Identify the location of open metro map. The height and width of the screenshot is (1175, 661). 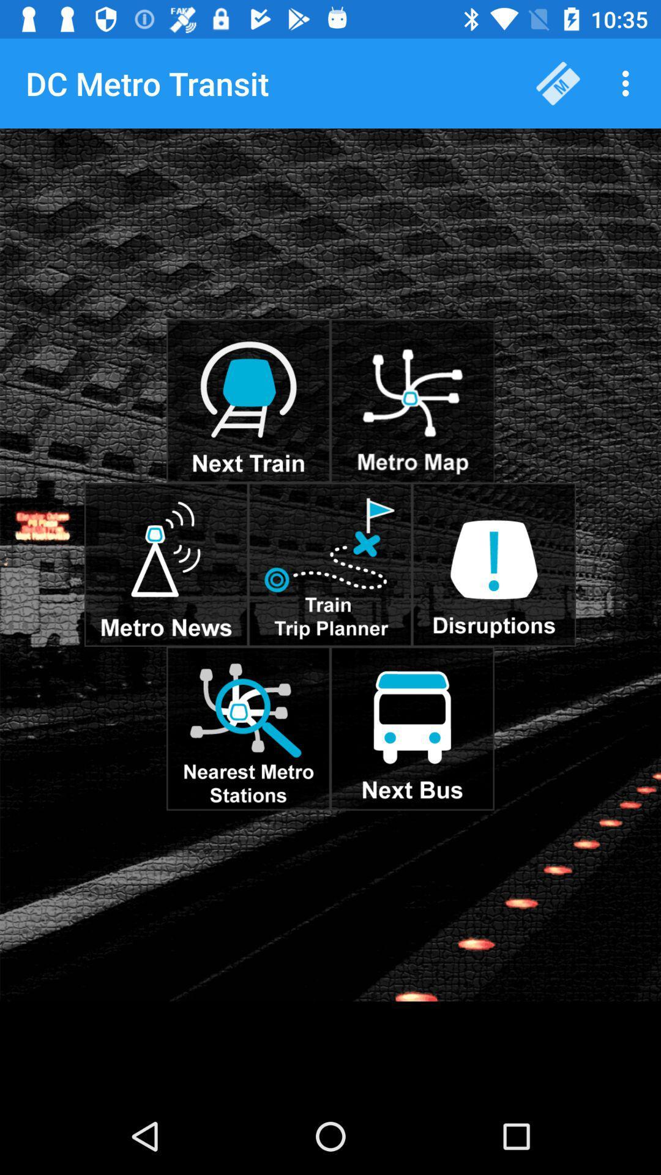
(412, 401).